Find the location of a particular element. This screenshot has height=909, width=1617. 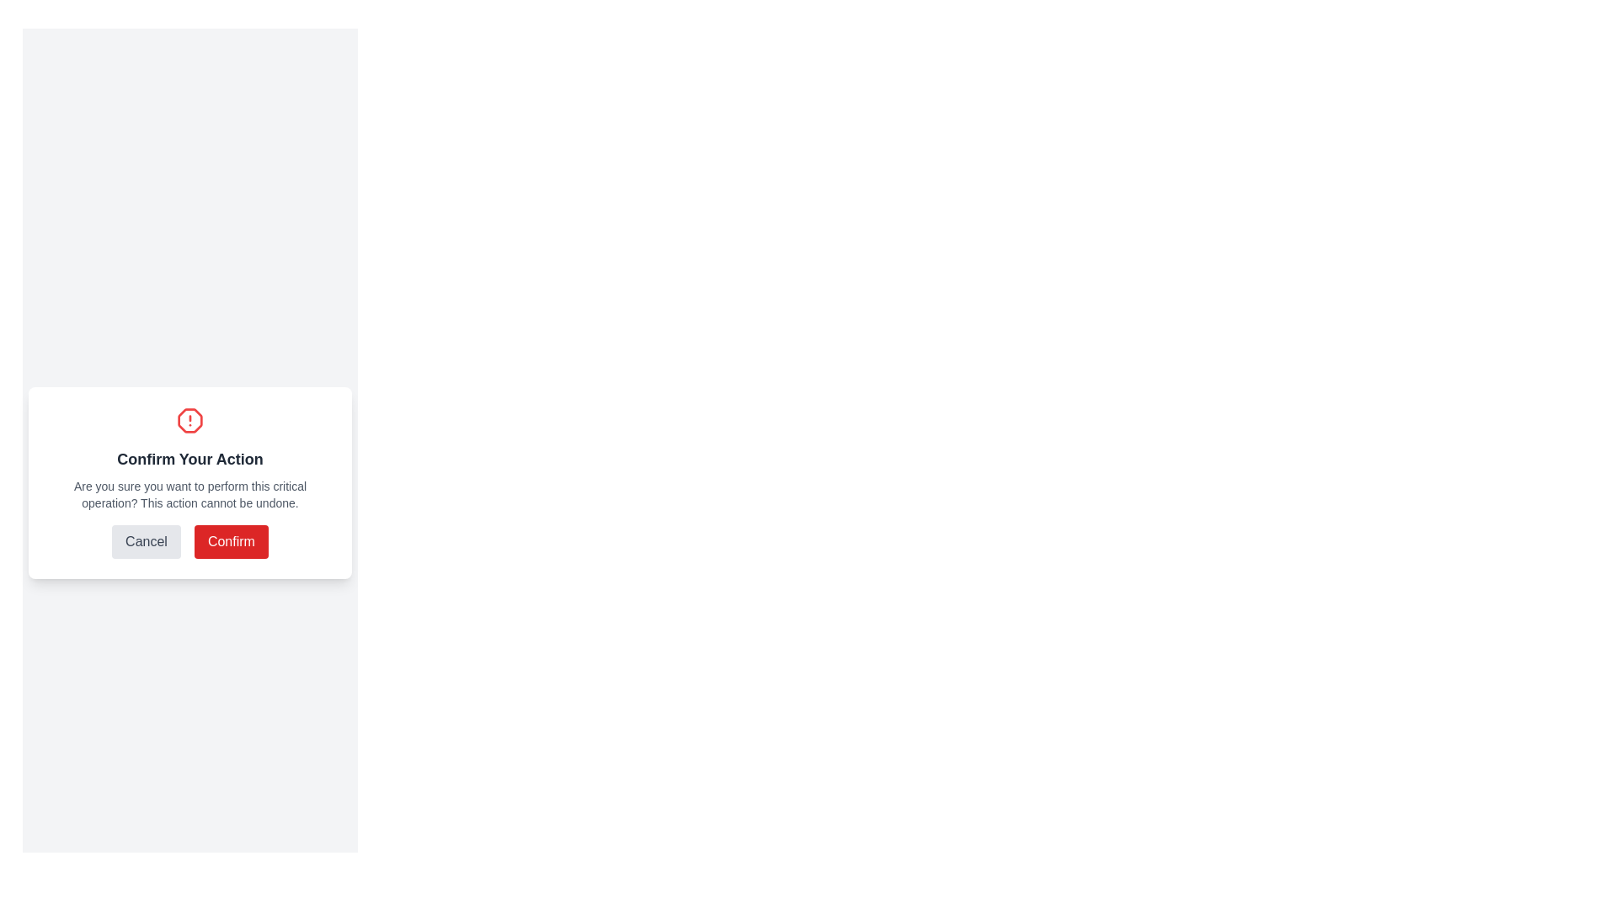

text label that serves as a heading in the modal dialog, positioned below a red icon and above a descriptive paragraph is located at coordinates (189, 460).